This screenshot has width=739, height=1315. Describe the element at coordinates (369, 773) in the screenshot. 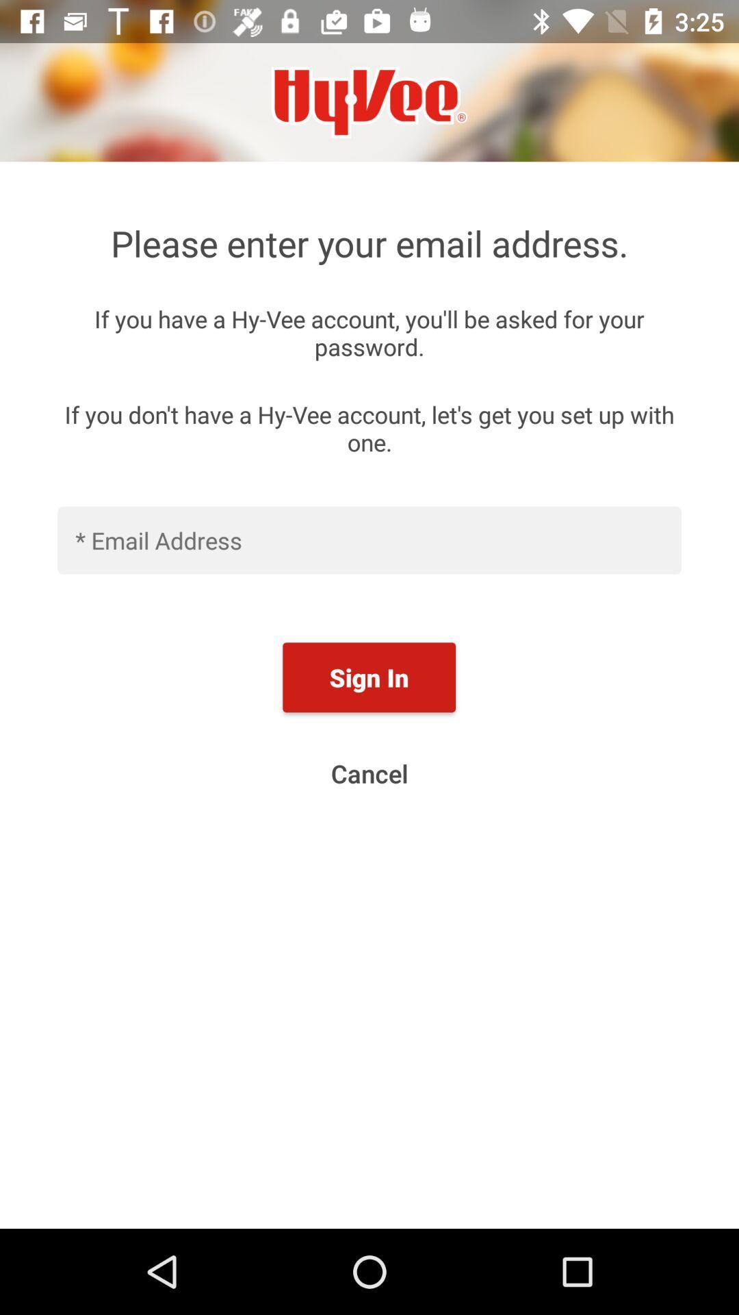

I see `the item below the sign in` at that location.